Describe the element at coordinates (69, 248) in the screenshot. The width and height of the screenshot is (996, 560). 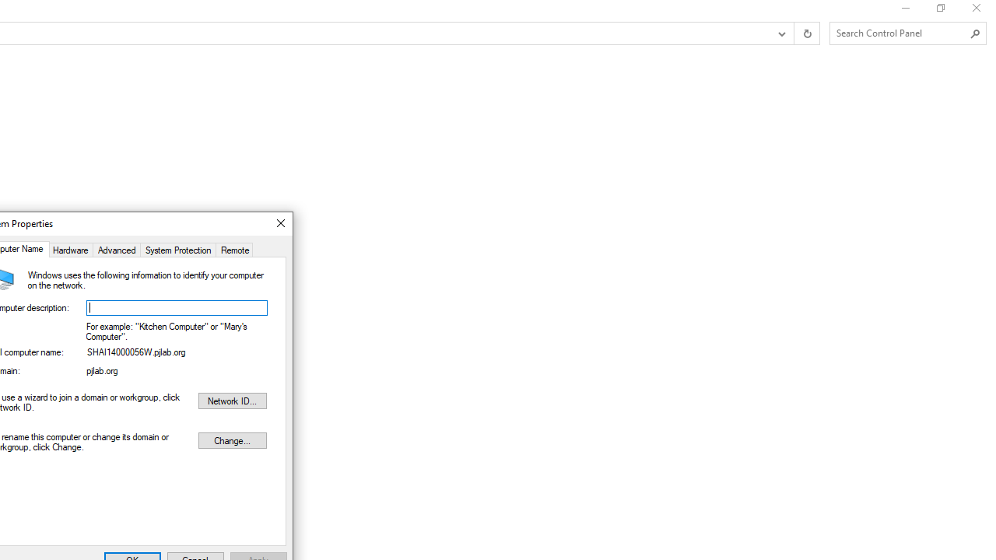
I see `'Hardware'` at that location.